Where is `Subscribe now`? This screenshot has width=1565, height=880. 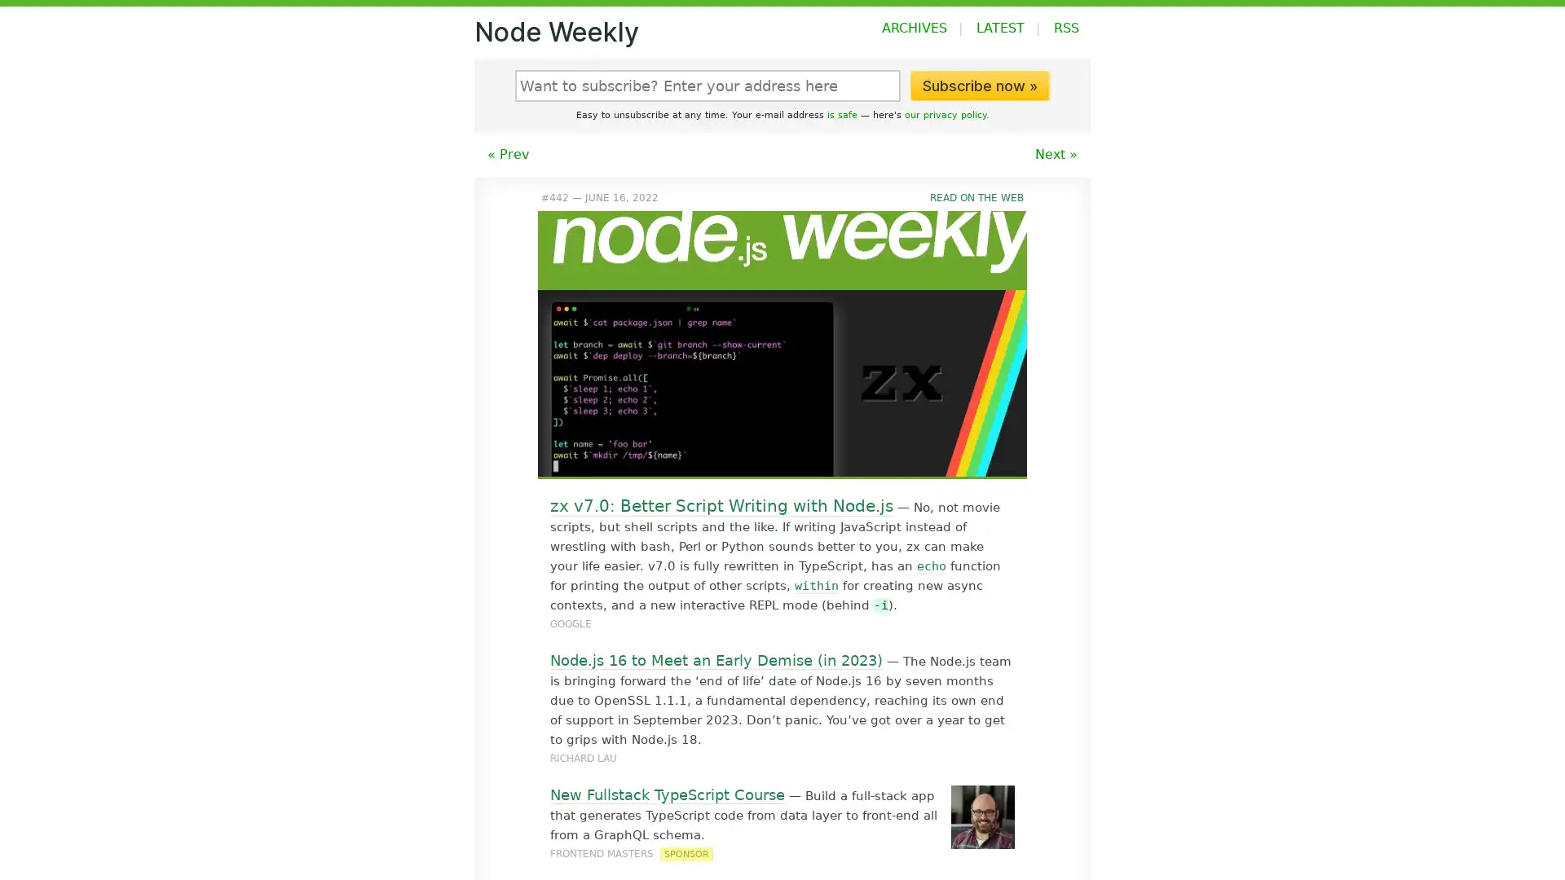 Subscribe now is located at coordinates (979, 86).